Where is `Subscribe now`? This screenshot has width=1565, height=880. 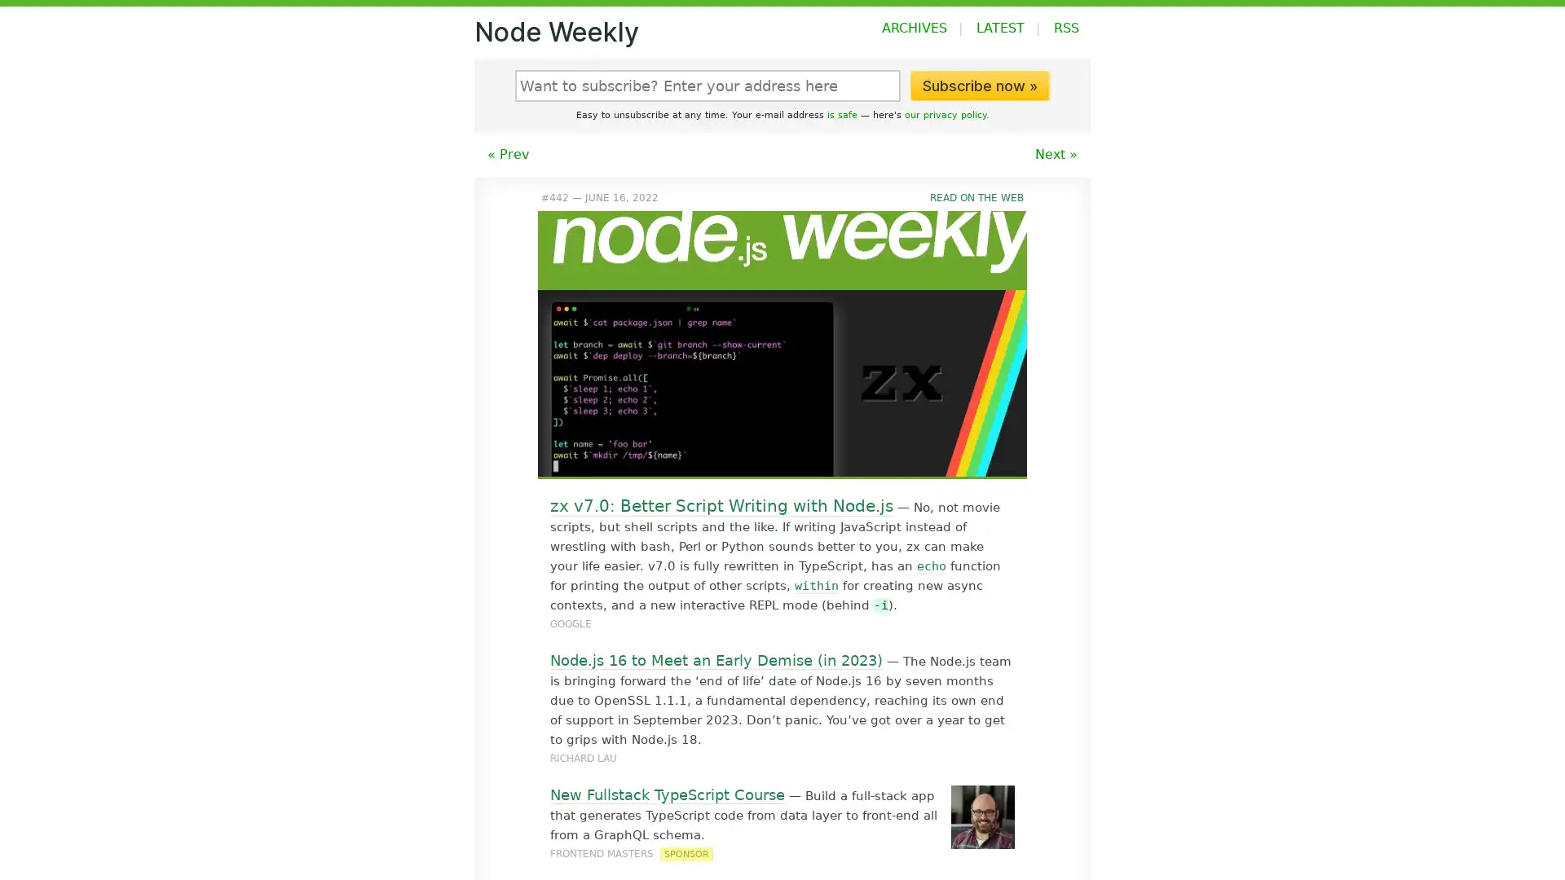 Subscribe now is located at coordinates (979, 86).